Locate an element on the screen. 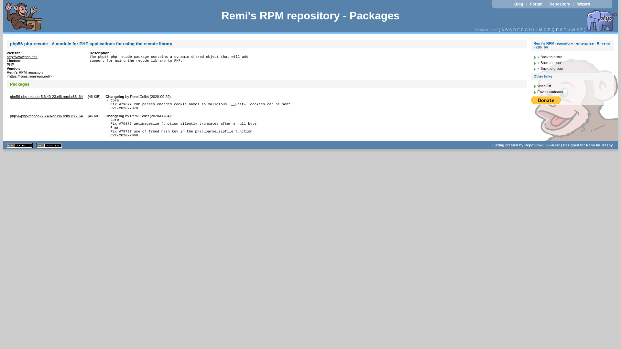 This screenshot has height=349, width=621. 'Trashy' is located at coordinates (606, 144).